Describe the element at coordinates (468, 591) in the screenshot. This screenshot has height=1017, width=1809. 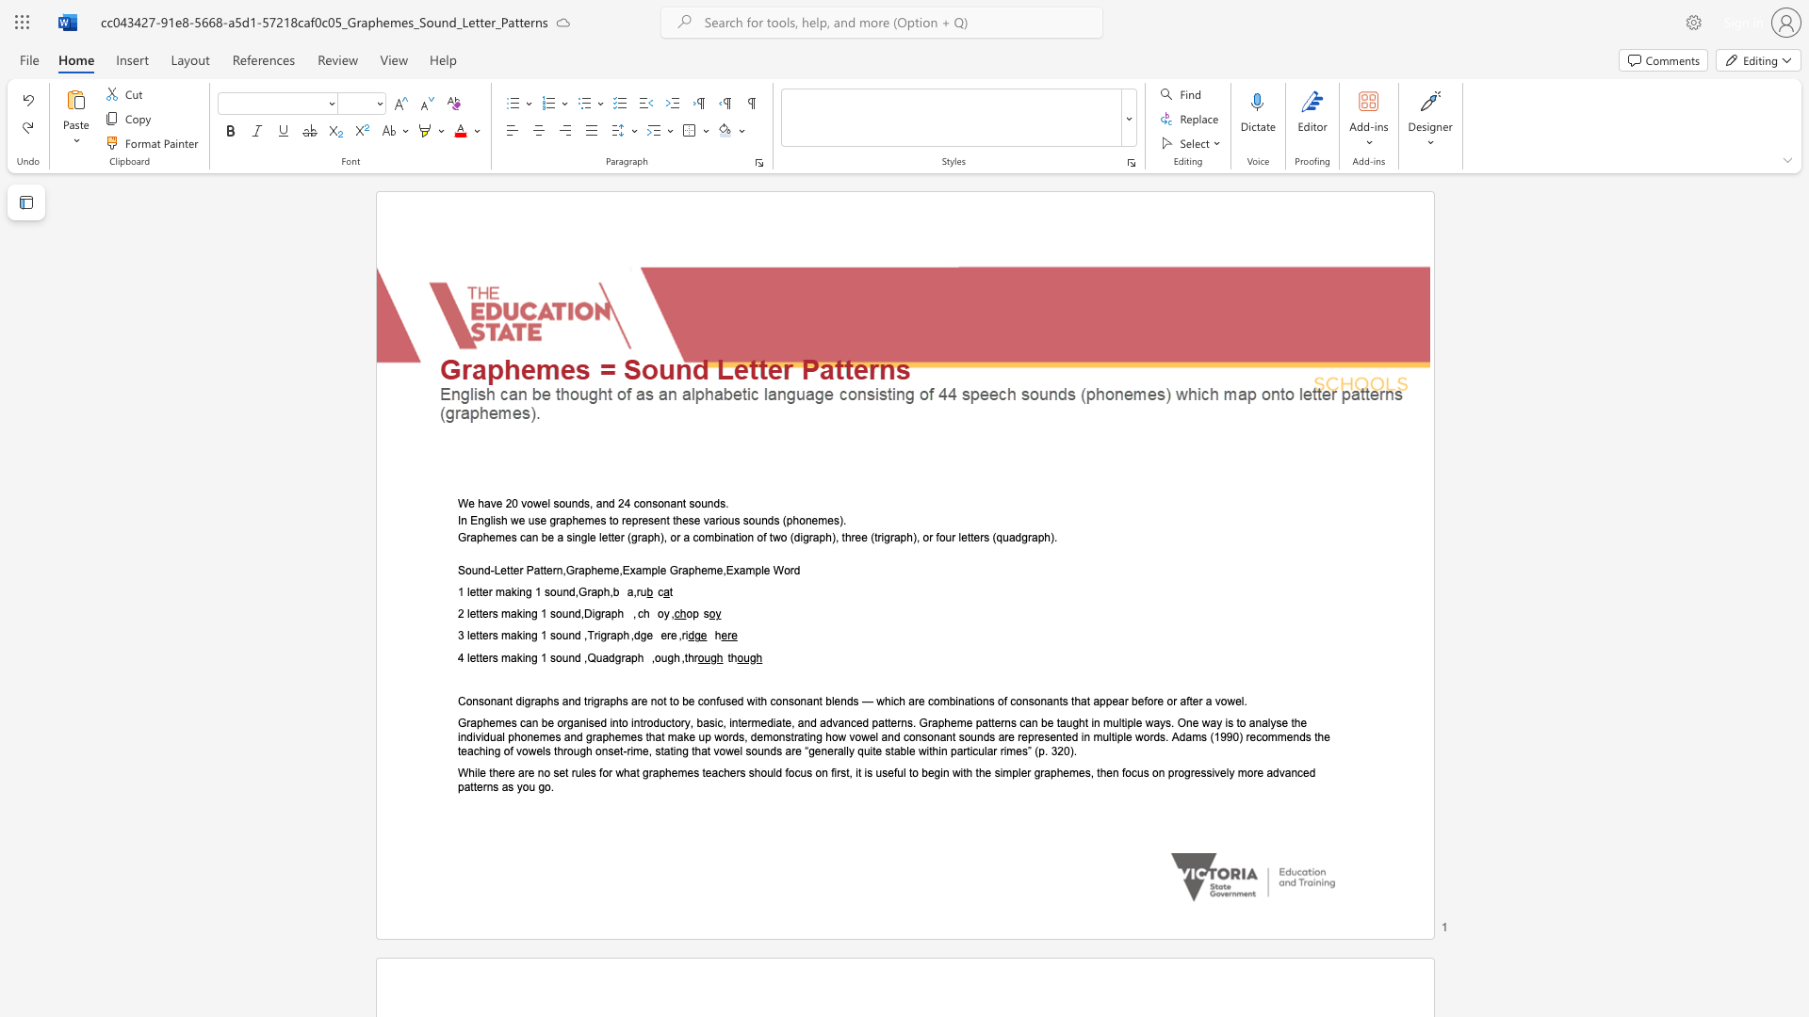
I see `the 1th character "l" in the text` at that location.